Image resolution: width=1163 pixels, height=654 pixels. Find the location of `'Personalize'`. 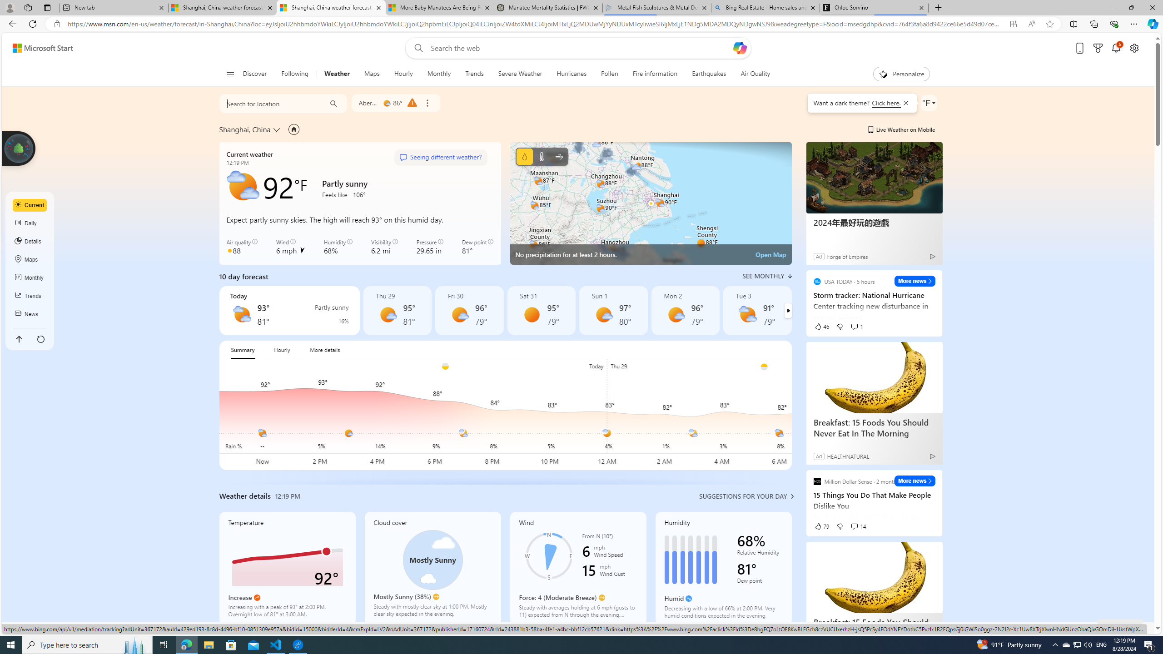

'Personalize' is located at coordinates (901, 74).